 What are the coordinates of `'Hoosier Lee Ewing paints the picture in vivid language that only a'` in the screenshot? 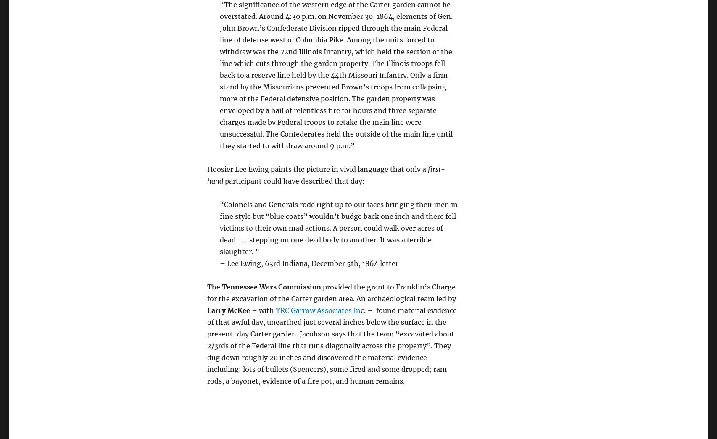 It's located at (316, 168).